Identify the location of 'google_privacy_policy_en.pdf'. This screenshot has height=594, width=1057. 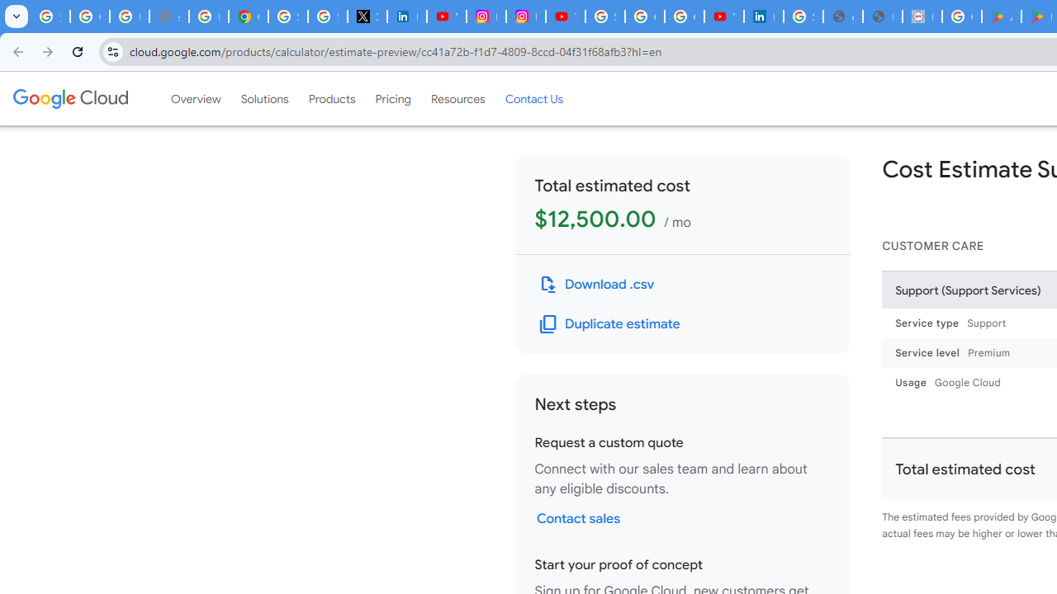
(842, 16).